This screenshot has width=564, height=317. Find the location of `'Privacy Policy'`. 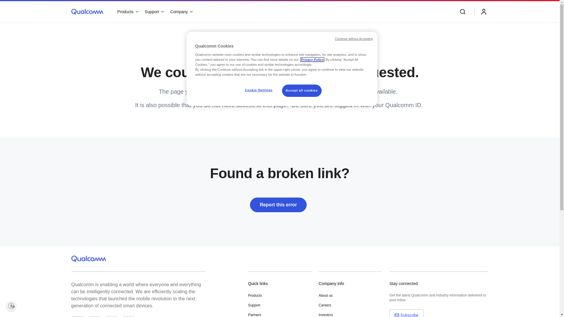

'Privacy Policy' is located at coordinates (312, 60).